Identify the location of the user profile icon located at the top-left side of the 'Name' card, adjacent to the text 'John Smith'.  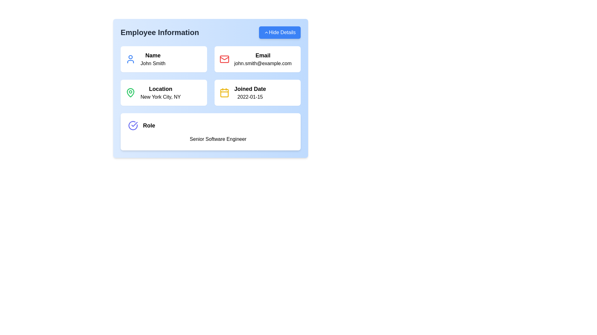
(130, 59).